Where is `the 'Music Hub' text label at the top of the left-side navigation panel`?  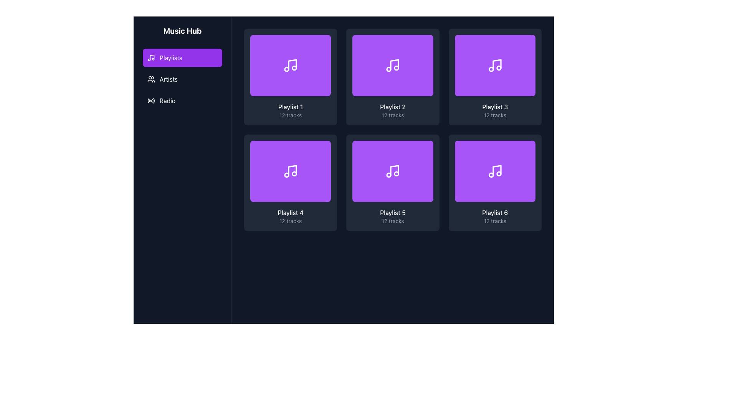 the 'Music Hub' text label at the top of the left-side navigation panel is located at coordinates (182, 31).